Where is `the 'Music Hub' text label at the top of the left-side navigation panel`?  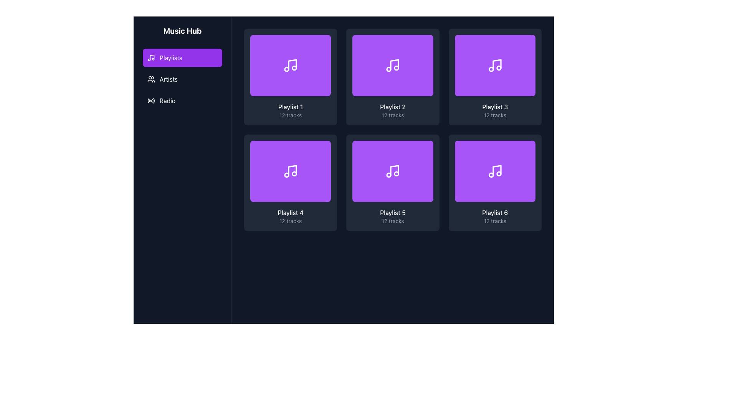 the 'Music Hub' text label at the top of the left-side navigation panel is located at coordinates (182, 31).